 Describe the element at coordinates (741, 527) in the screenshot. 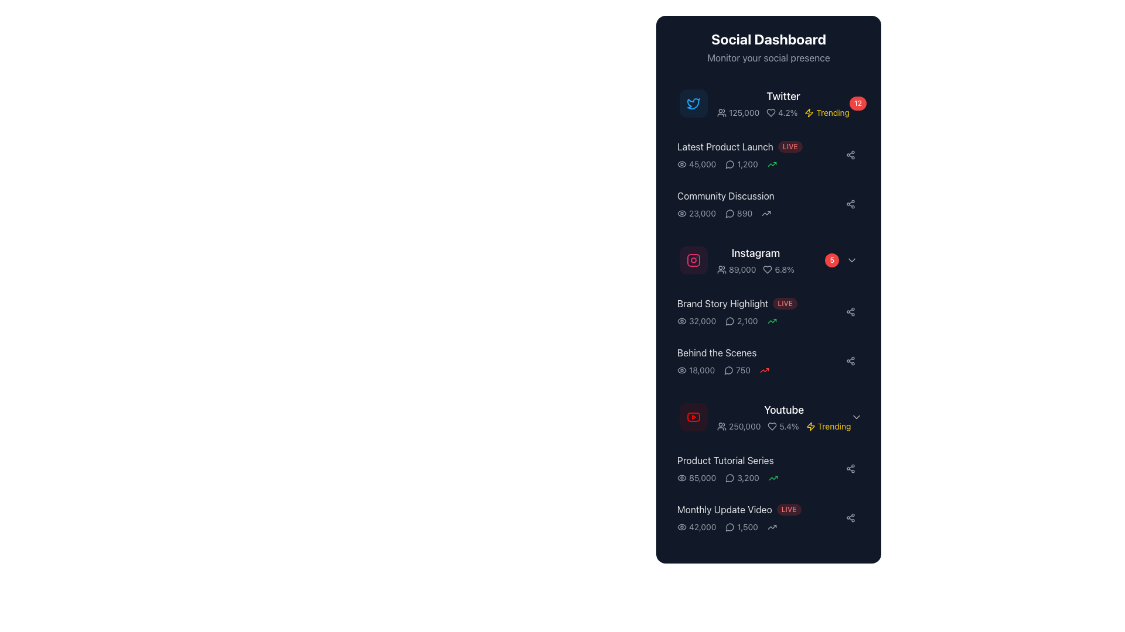

I see `the text element displaying the number '1,500' in gray color, located in the bottom right section of the 'Monthly Update Video' card, next to a circular comment icon` at that location.